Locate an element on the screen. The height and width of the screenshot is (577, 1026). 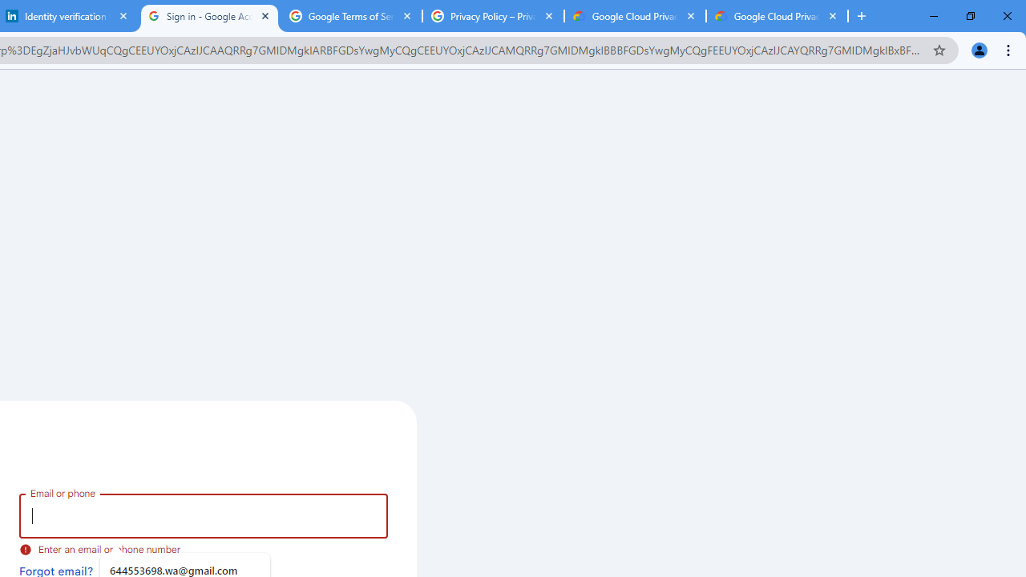
'Email or phone' is located at coordinates (203, 515).